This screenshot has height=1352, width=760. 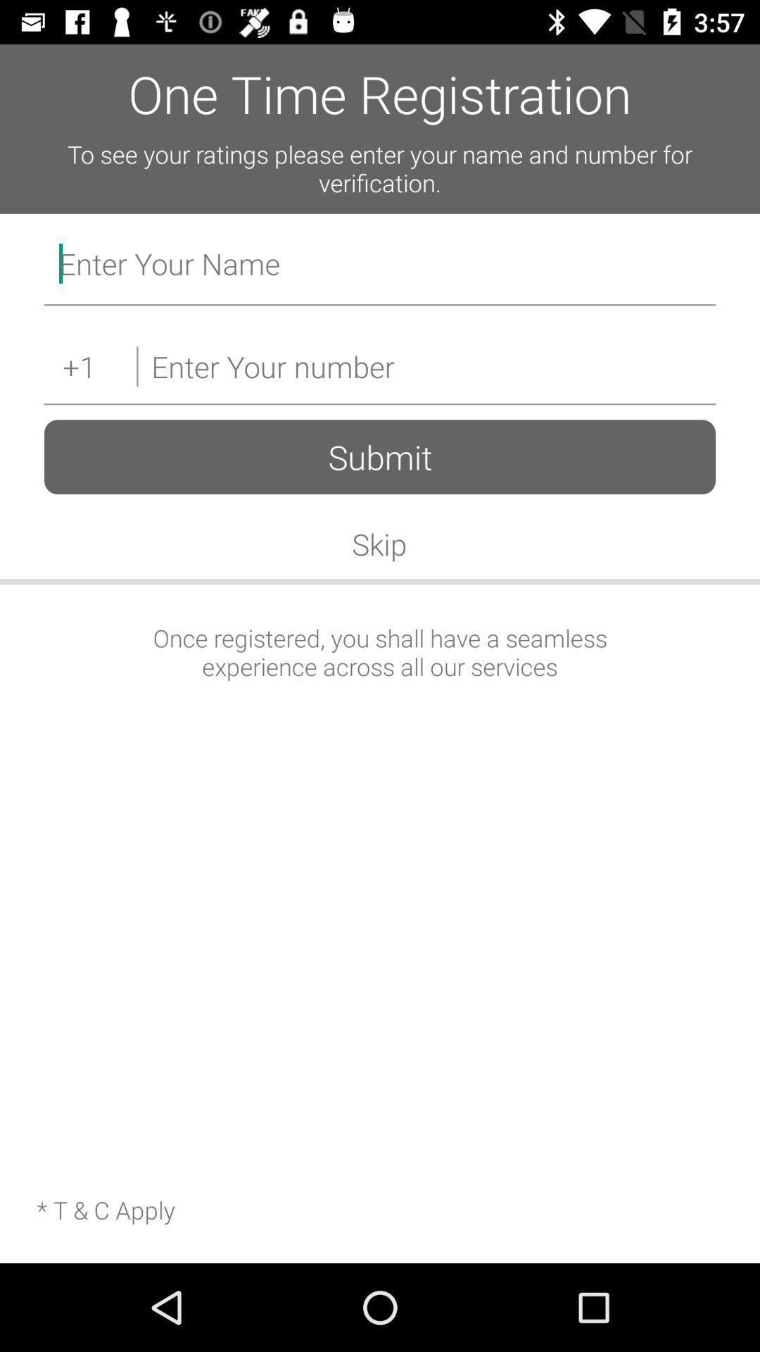 What do you see at coordinates (380, 457) in the screenshot?
I see `icon below the +1` at bounding box center [380, 457].